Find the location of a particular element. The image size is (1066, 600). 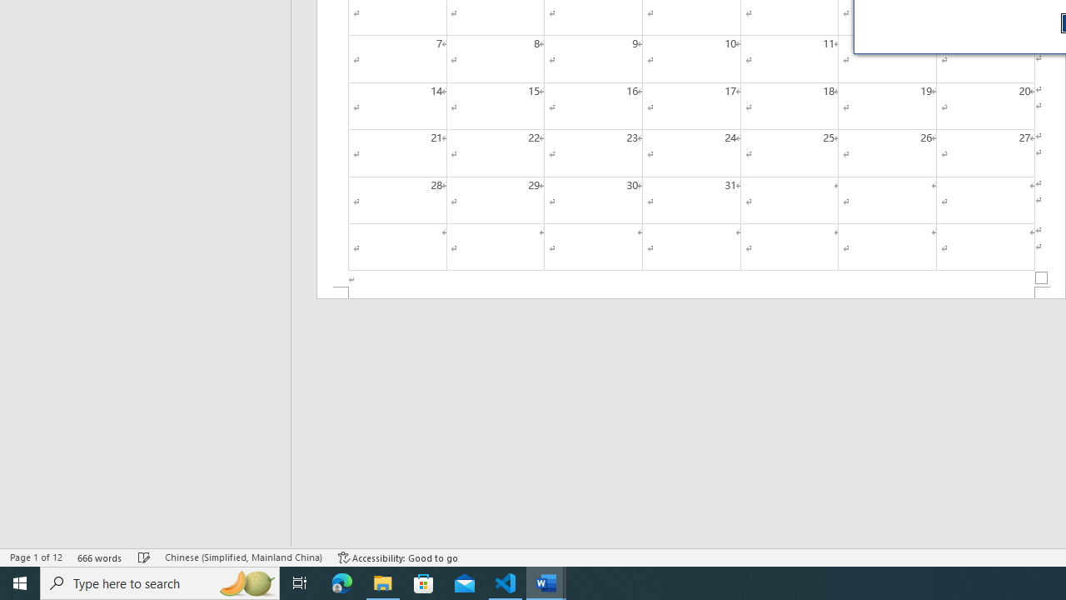

'Word Count 666 words' is located at coordinates (99, 557).